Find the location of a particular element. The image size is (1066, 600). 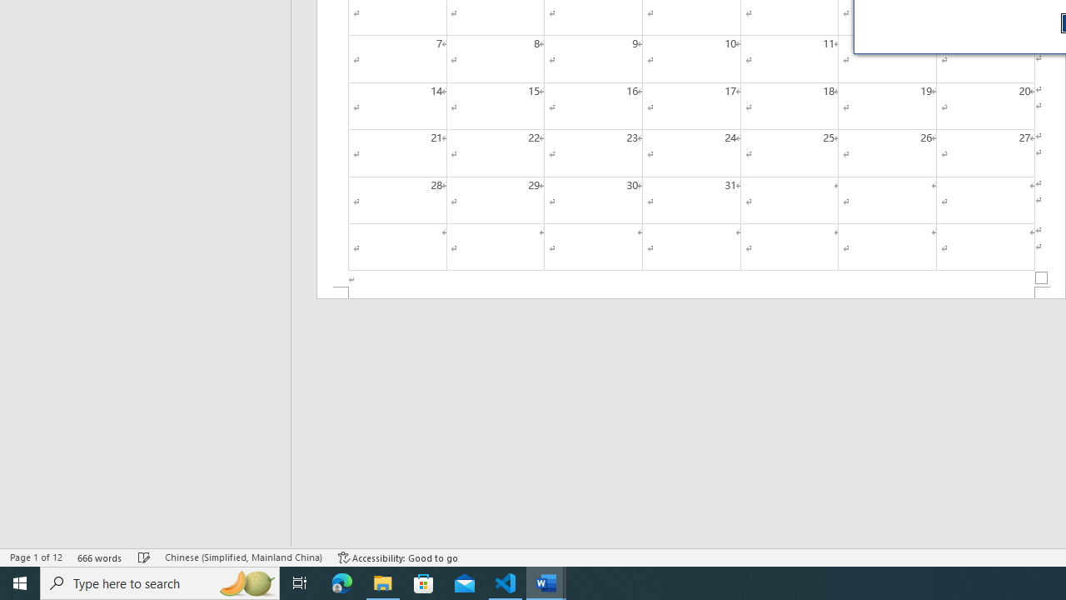

'Word Count 666 words' is located at coordinates (99, 557).